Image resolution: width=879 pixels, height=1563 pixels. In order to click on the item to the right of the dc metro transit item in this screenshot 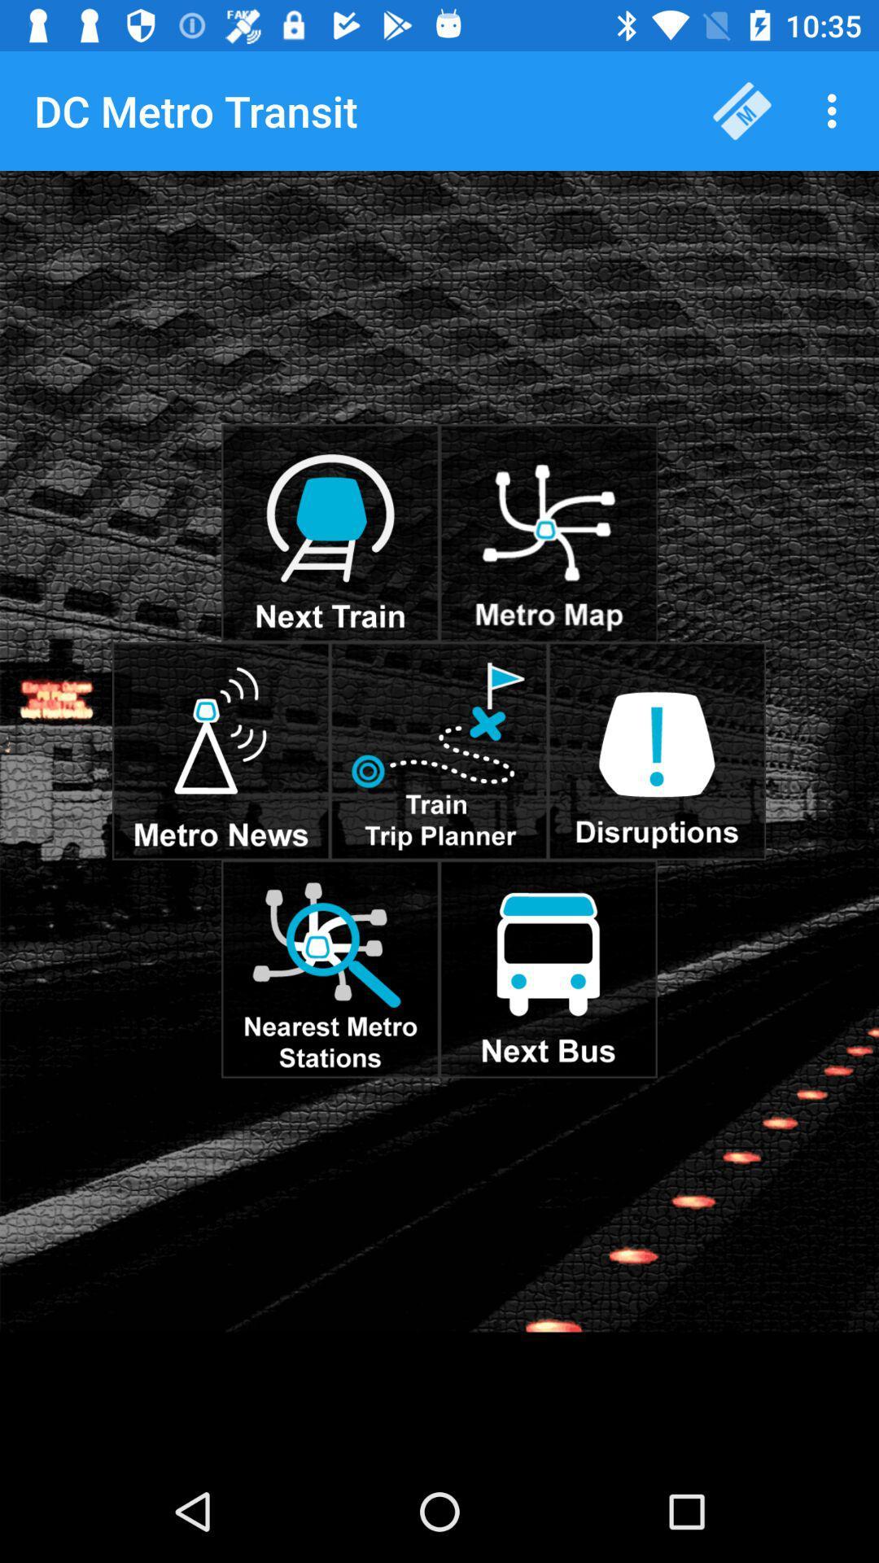, I will do `click(741, 110)`.